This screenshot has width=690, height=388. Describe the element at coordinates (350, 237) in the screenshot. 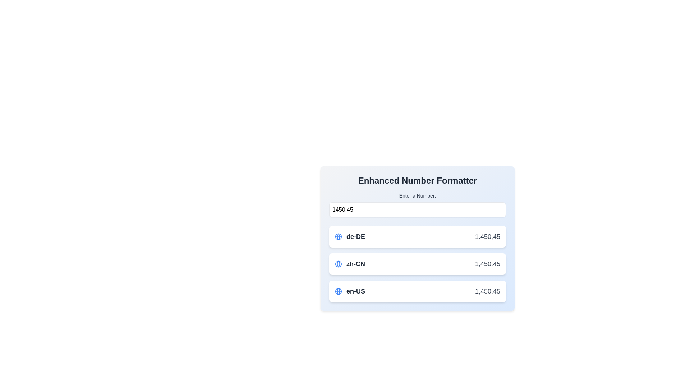

I see `the locale selection label/icon for 'de-DE' (German-Germany), which is the first item in a vertical list of locale options with a white background and rounded corners, located next to a numerical value` at that location.